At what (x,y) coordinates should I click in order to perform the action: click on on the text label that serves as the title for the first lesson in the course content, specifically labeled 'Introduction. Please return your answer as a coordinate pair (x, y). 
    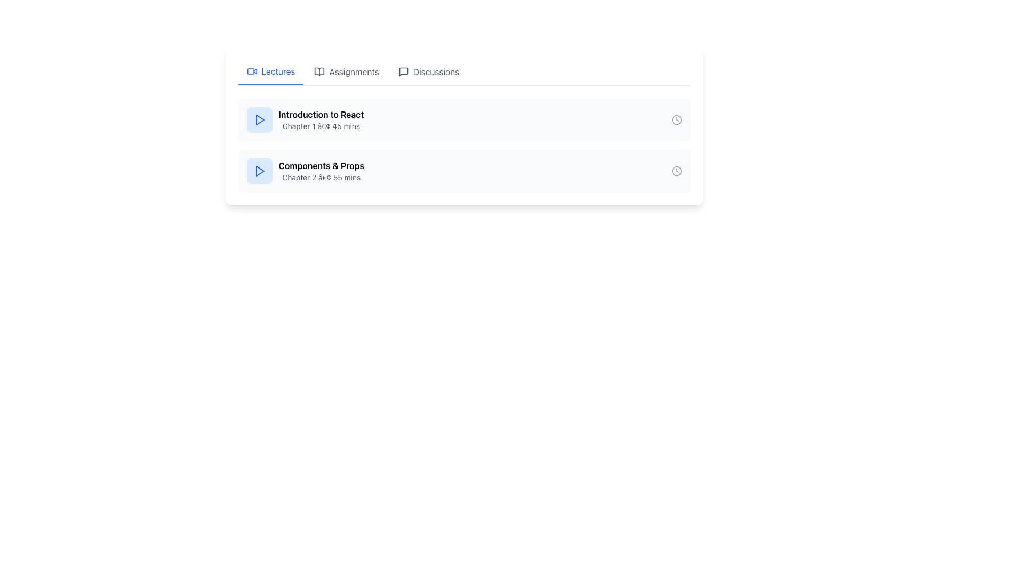
    Looking at the image, I should click on (321, 115).